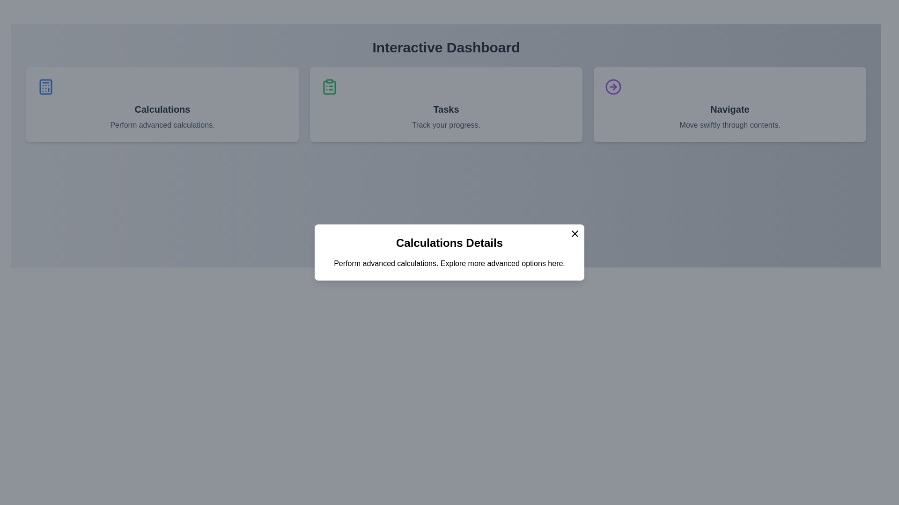  I want to click on the navigation card for 'Calculations' located at the leftmost side of the interface, above the text 'Calculations.', so click(162, 104).